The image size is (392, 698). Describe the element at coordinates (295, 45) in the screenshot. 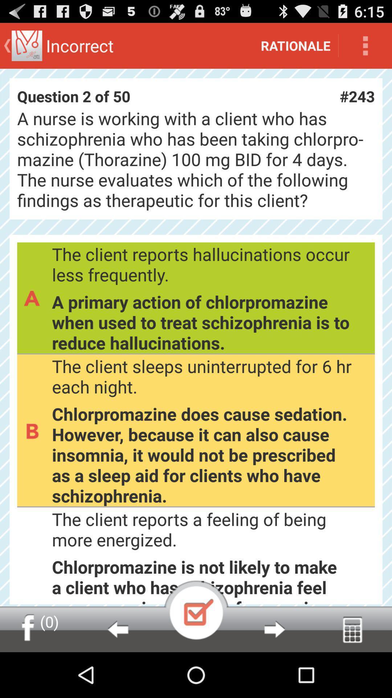

I see `icon above question 2 of icon` at that location.